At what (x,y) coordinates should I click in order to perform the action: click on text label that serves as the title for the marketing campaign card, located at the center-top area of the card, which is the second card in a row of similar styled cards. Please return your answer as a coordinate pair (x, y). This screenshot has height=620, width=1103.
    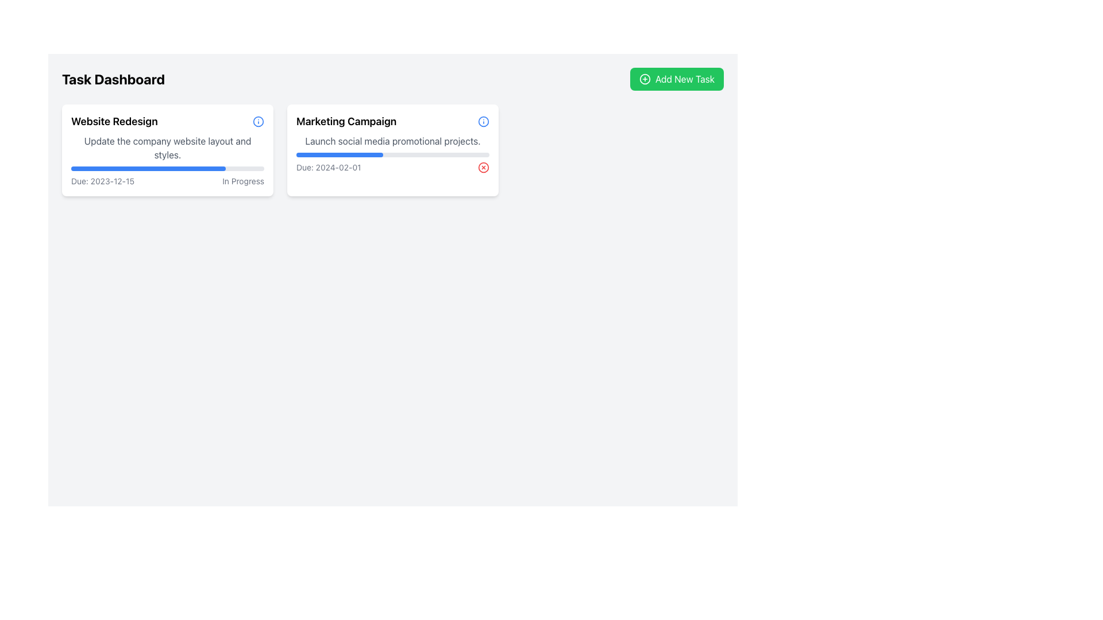
    Looking at the image, I should click on (346, 122).